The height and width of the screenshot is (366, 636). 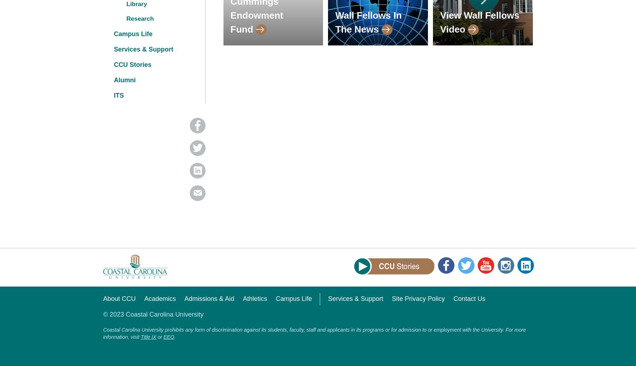 I want to click on 'CCU Stories', so click(x=132, y=64).